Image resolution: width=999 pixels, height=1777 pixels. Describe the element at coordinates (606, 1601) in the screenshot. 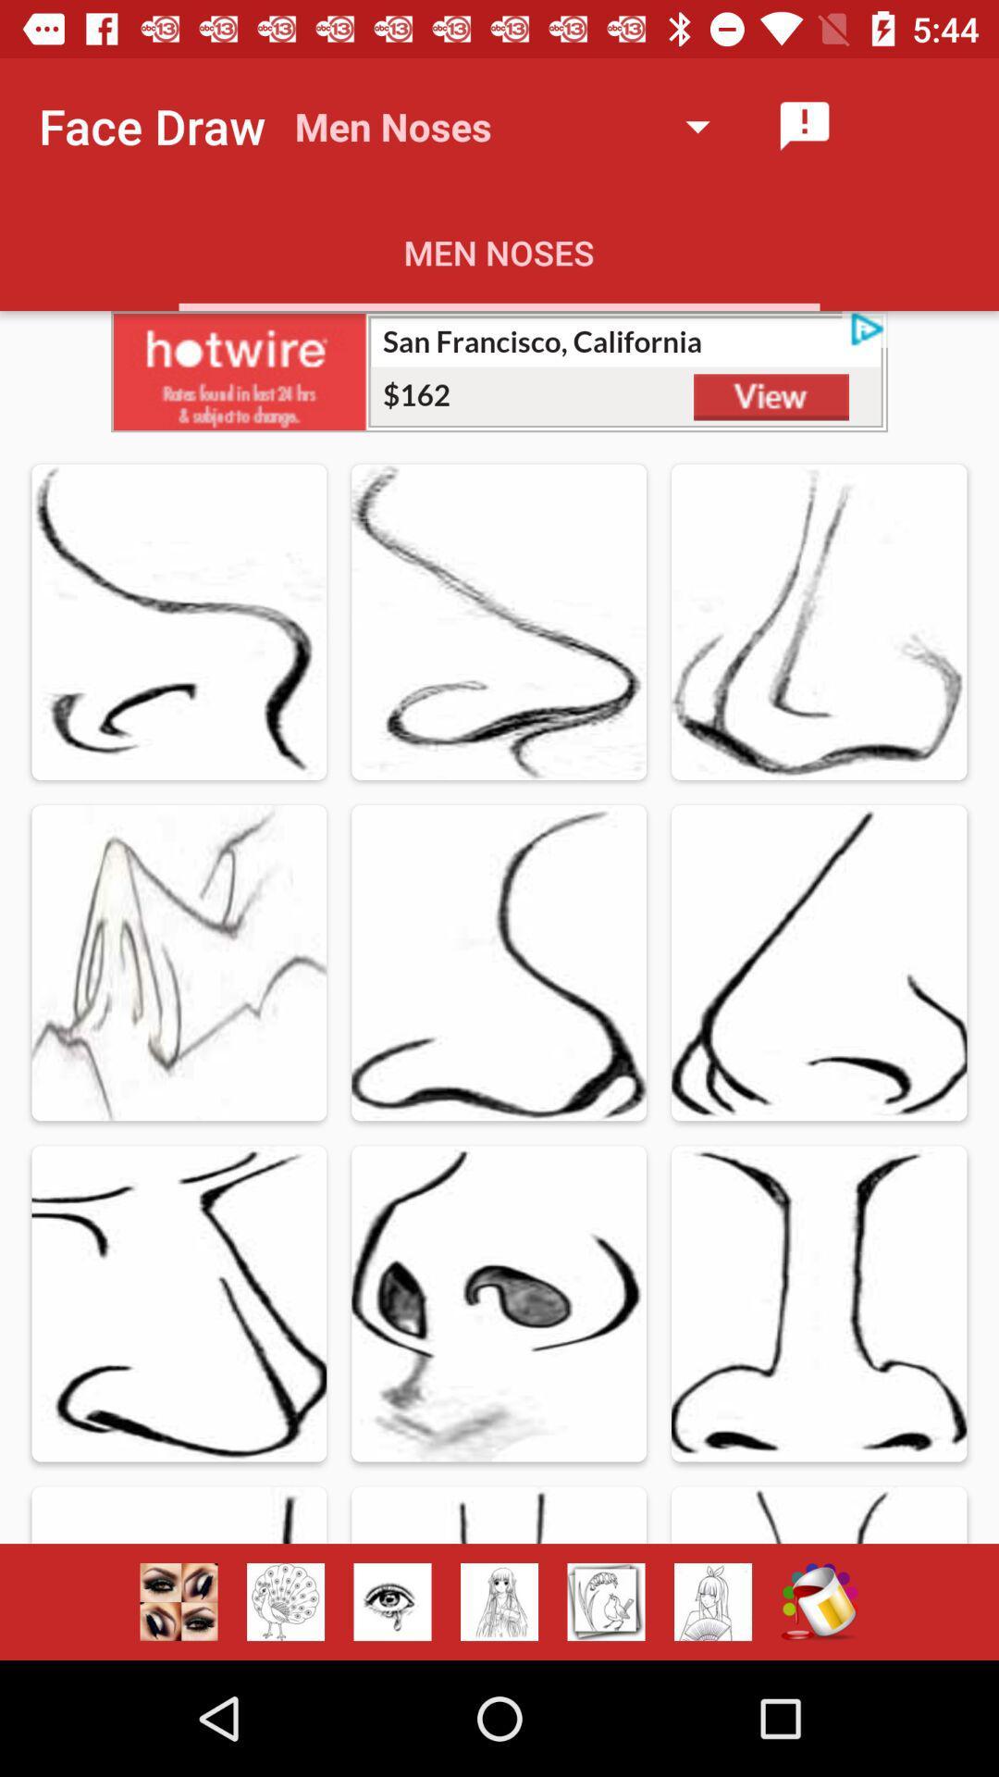

I see `drawing` at that location.